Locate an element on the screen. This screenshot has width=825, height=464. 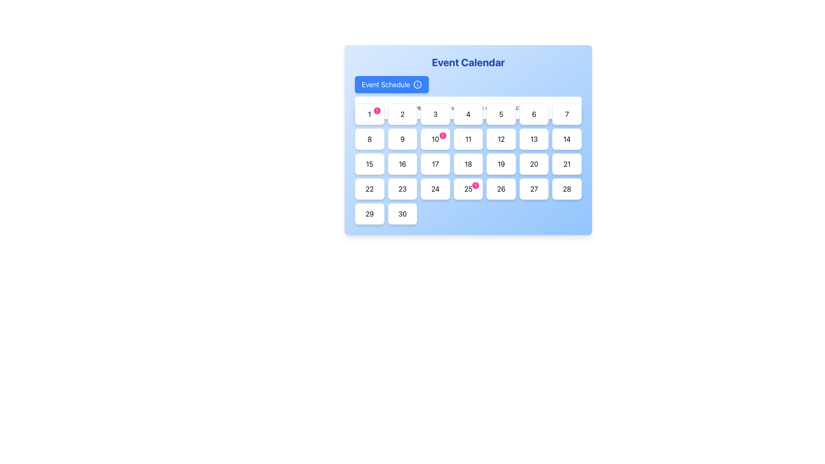
the calendar button that represents the day in the second column of the second row, located beneath the button labeled '2' and above the button labeled '16' is located at coordinates (402, 139).